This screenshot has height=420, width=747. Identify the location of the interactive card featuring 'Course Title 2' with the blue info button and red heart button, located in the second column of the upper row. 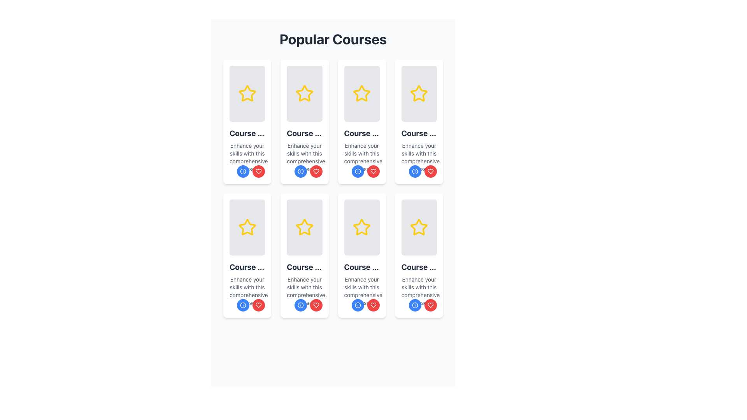
(304, 121).